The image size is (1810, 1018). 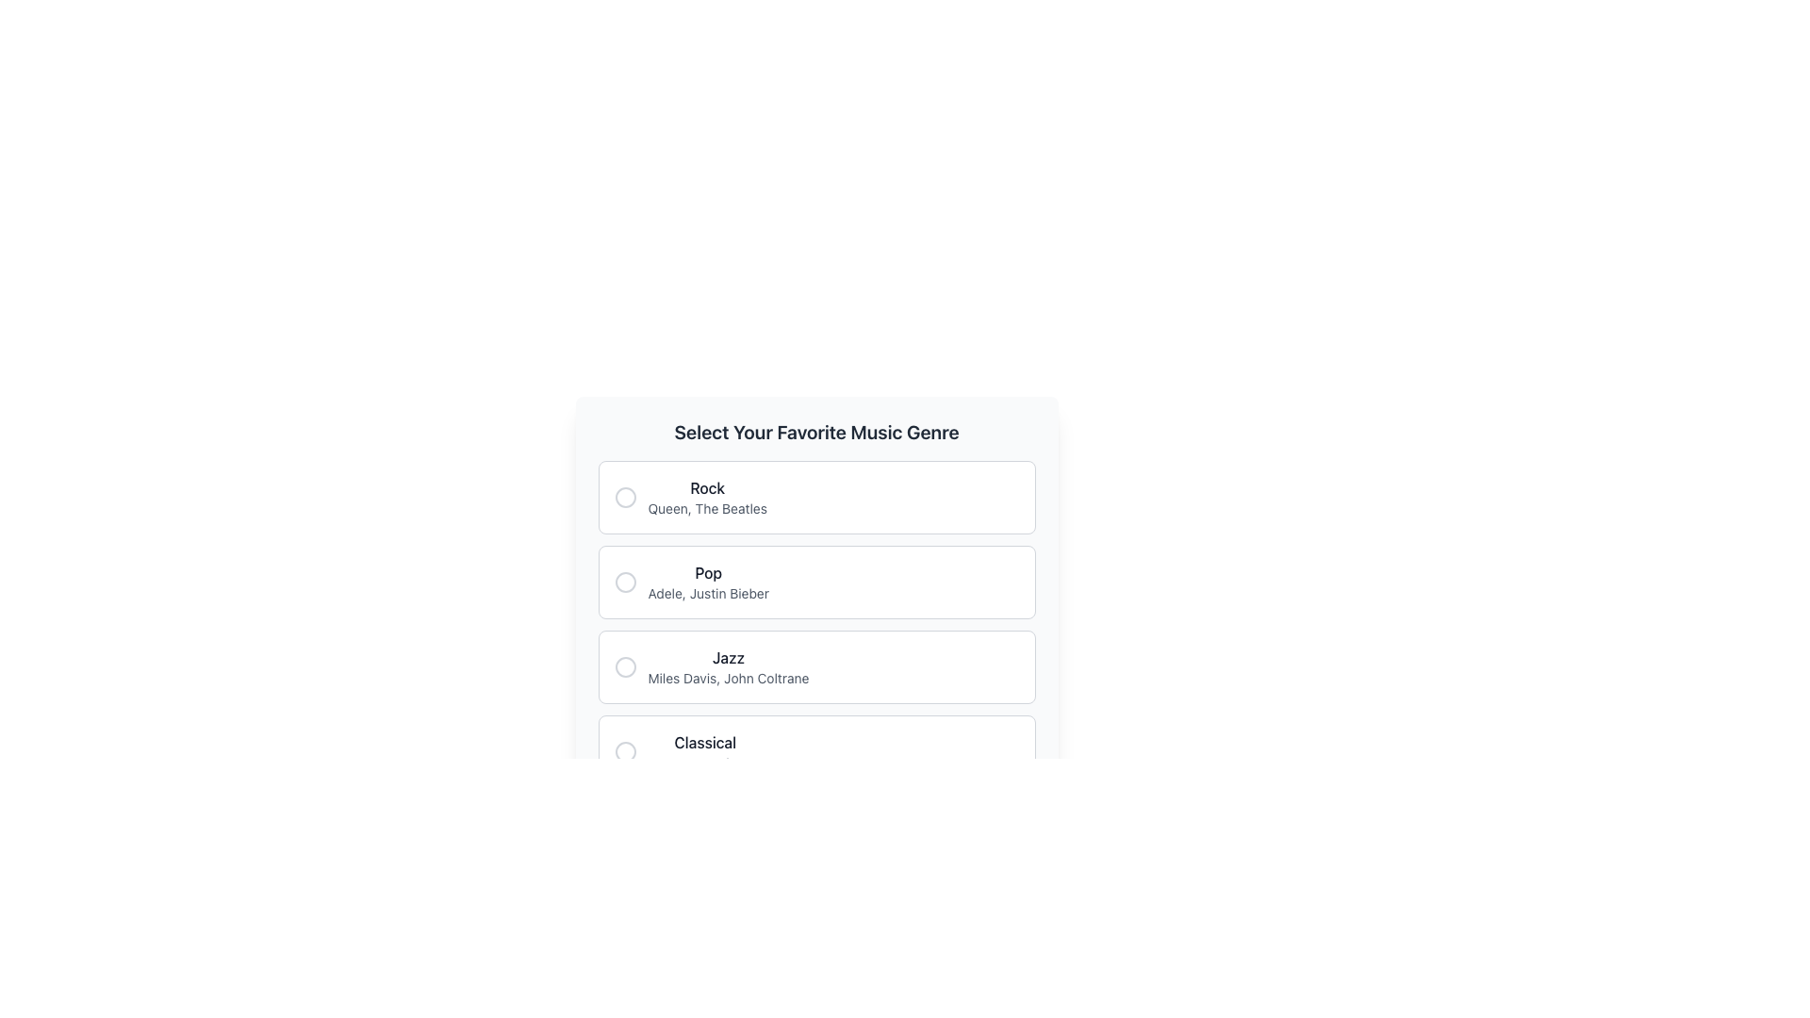 I want to click on the circular radio button, so click(x=625, y=497).